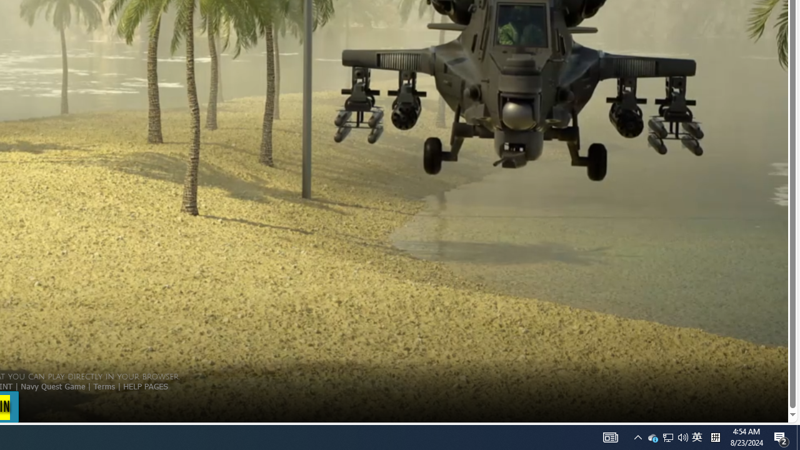 This screenshot has height=450, width=800. Describe the element at coordinates (52, 385) in the screenshot. I see `'Navy Quest Game'` at that location.